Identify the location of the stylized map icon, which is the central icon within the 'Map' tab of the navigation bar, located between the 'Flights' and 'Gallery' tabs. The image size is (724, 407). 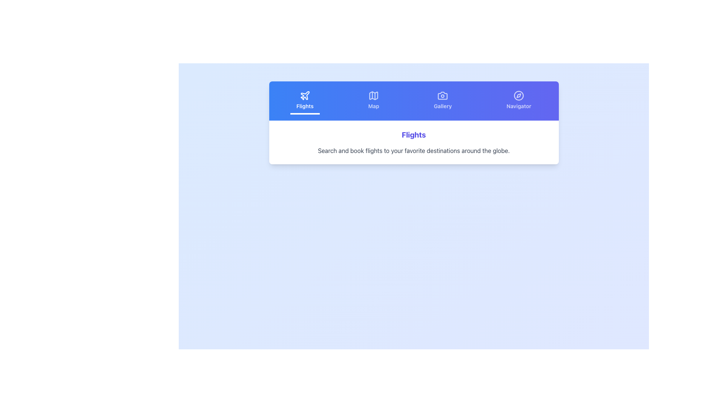
(374, 95).